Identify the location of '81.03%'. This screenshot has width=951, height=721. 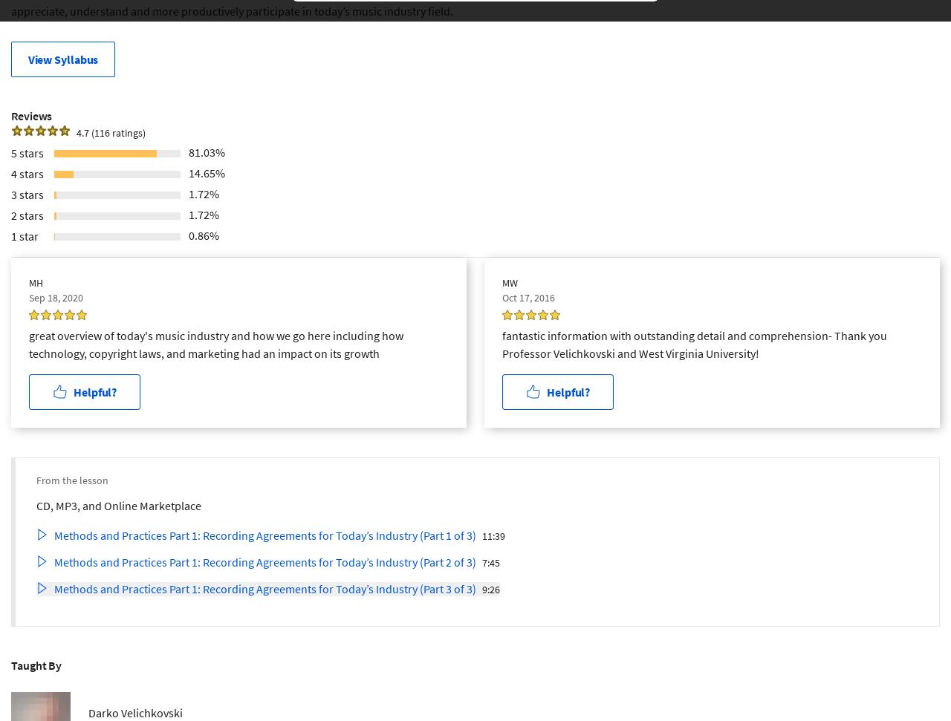
(206, 151).